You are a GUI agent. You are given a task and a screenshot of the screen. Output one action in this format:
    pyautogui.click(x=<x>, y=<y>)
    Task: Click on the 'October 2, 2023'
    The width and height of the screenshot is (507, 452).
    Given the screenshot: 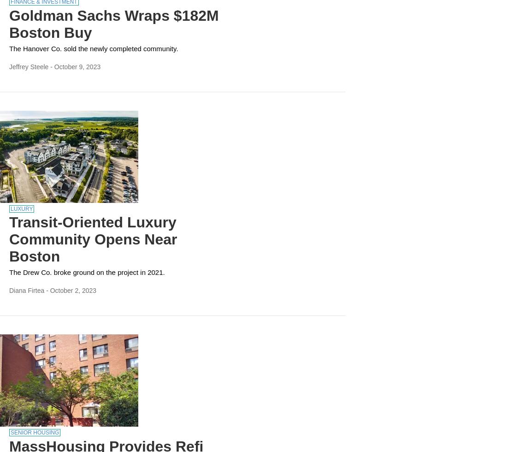 What is the action you would take?
    pyautogui.click(x=72, y=291)
    